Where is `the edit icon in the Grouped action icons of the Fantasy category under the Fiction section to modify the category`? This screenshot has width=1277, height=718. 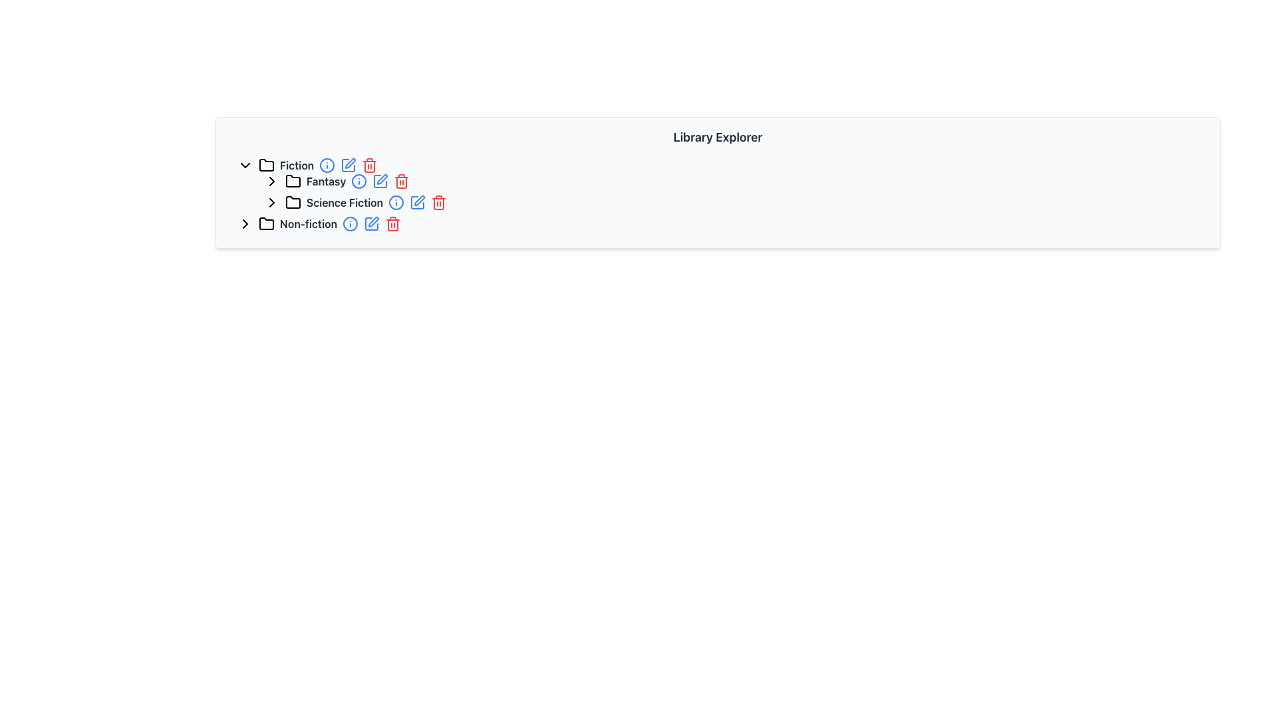
the edit icon in the Grouped action icons of the Fantasy category under the Fiction section to modify the category is located at coordinates (380, 181).